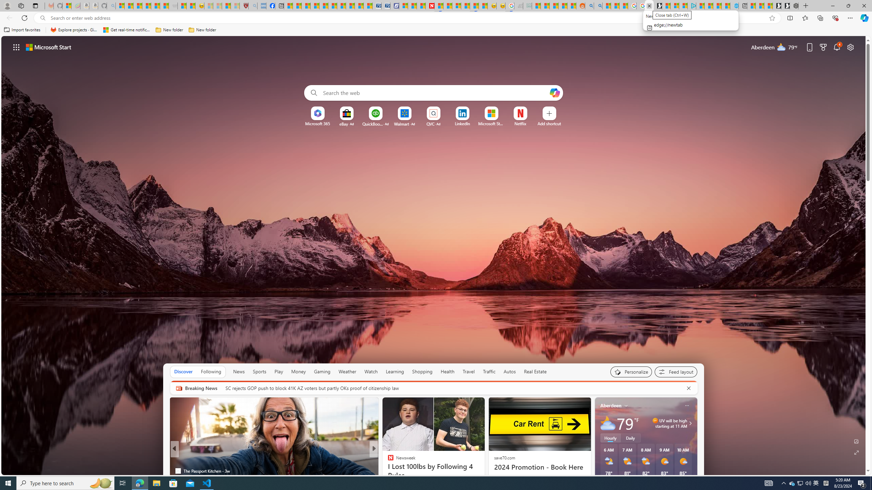 The image size is (872, 490). Describe the element at coordinates (387, 460) in the screenshot. I see `'INSIDER'` at that location.